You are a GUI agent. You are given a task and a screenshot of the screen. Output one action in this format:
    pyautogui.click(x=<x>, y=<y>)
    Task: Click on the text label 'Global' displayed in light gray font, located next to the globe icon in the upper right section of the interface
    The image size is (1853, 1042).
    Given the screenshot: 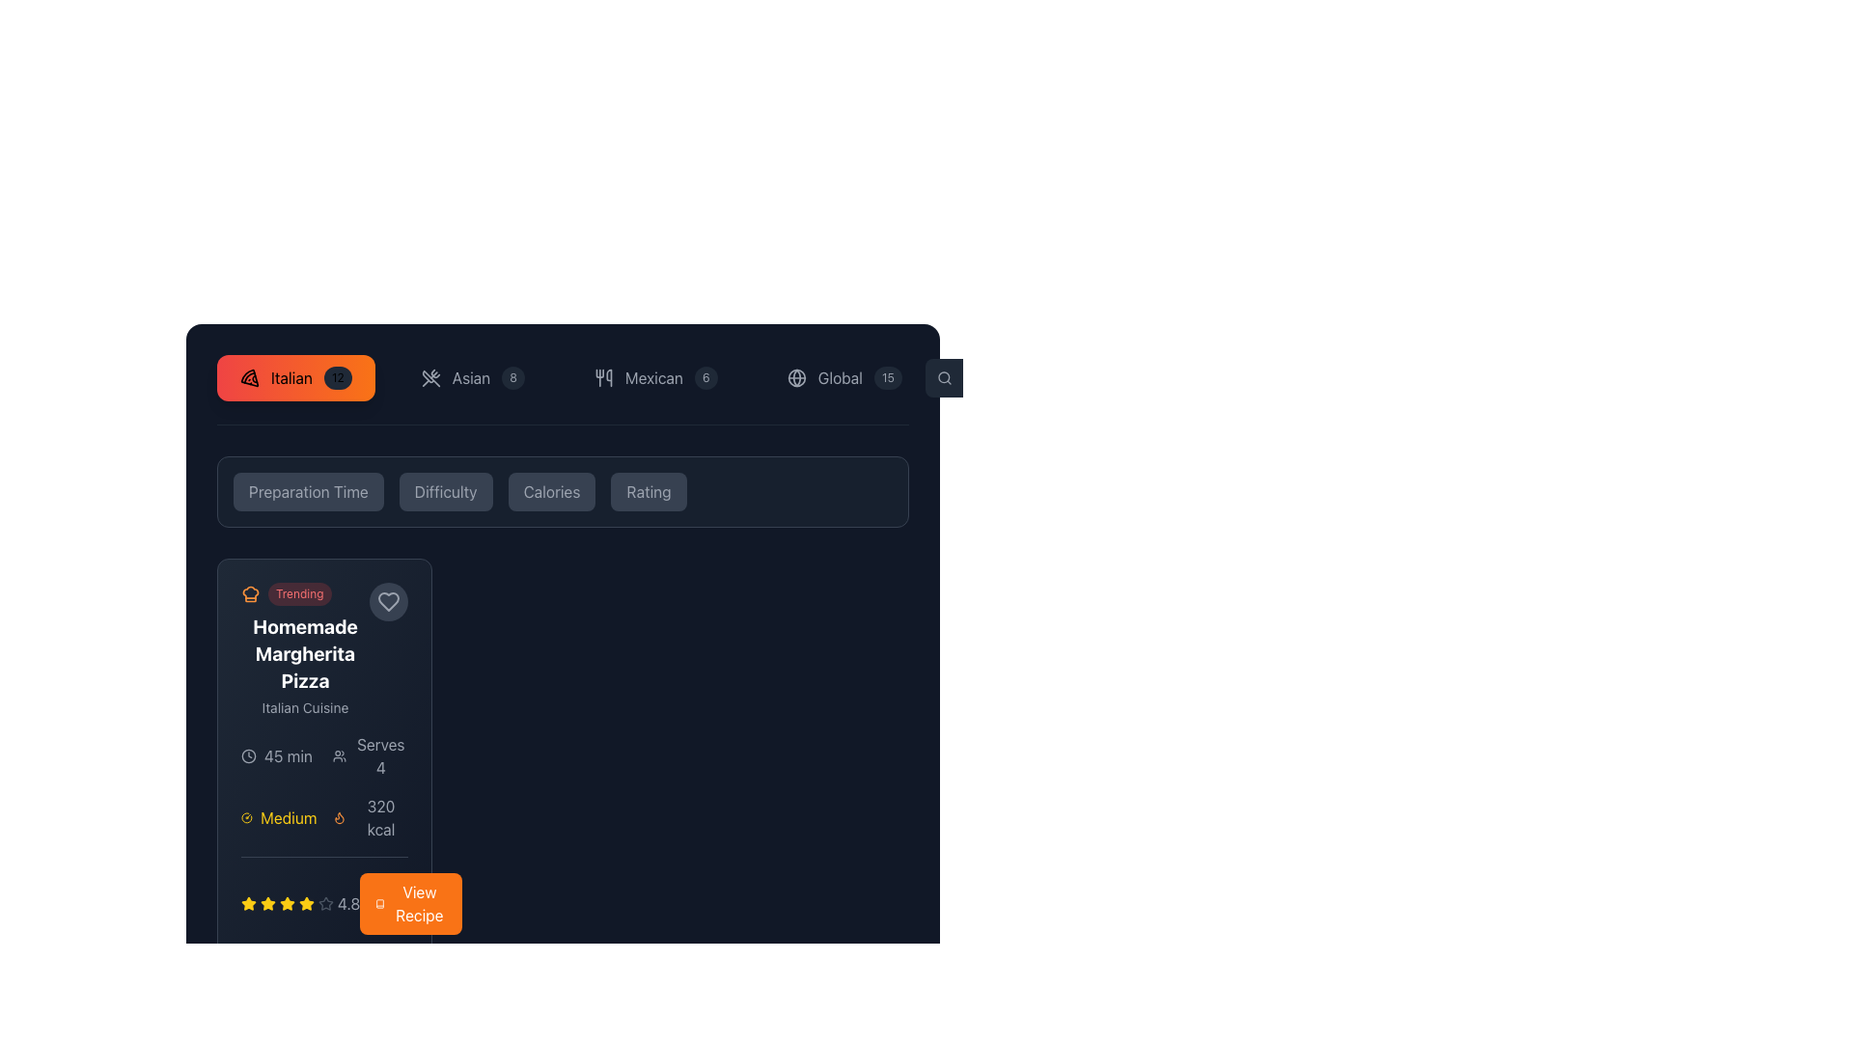 What is the action you would take?
    pyautogui.click(x=840, y=378)
    